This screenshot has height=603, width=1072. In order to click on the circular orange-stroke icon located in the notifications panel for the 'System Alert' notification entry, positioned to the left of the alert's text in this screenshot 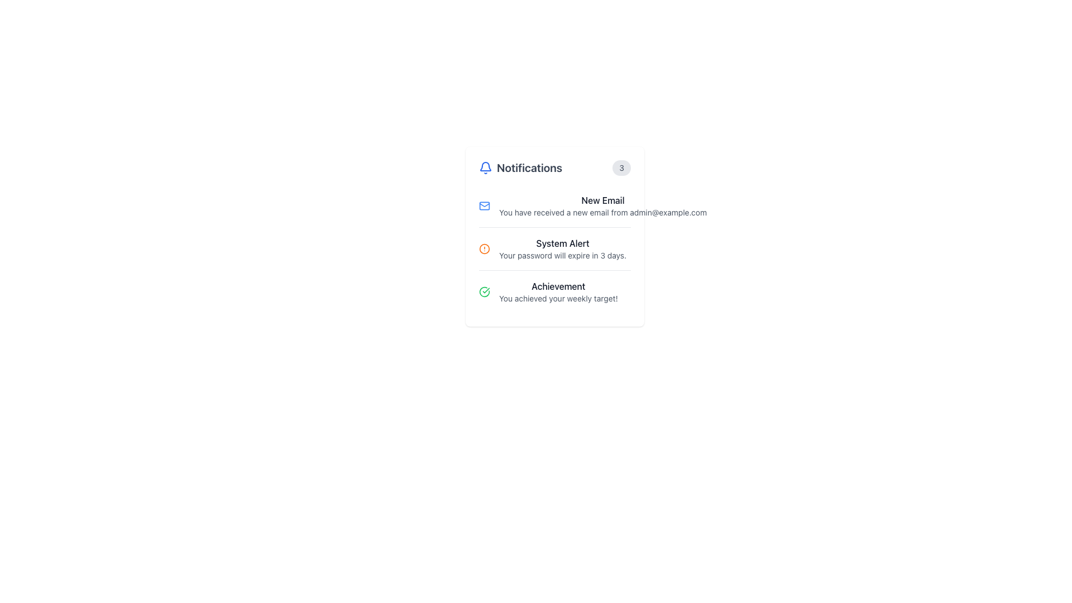, I will do `click(485, 248)`.